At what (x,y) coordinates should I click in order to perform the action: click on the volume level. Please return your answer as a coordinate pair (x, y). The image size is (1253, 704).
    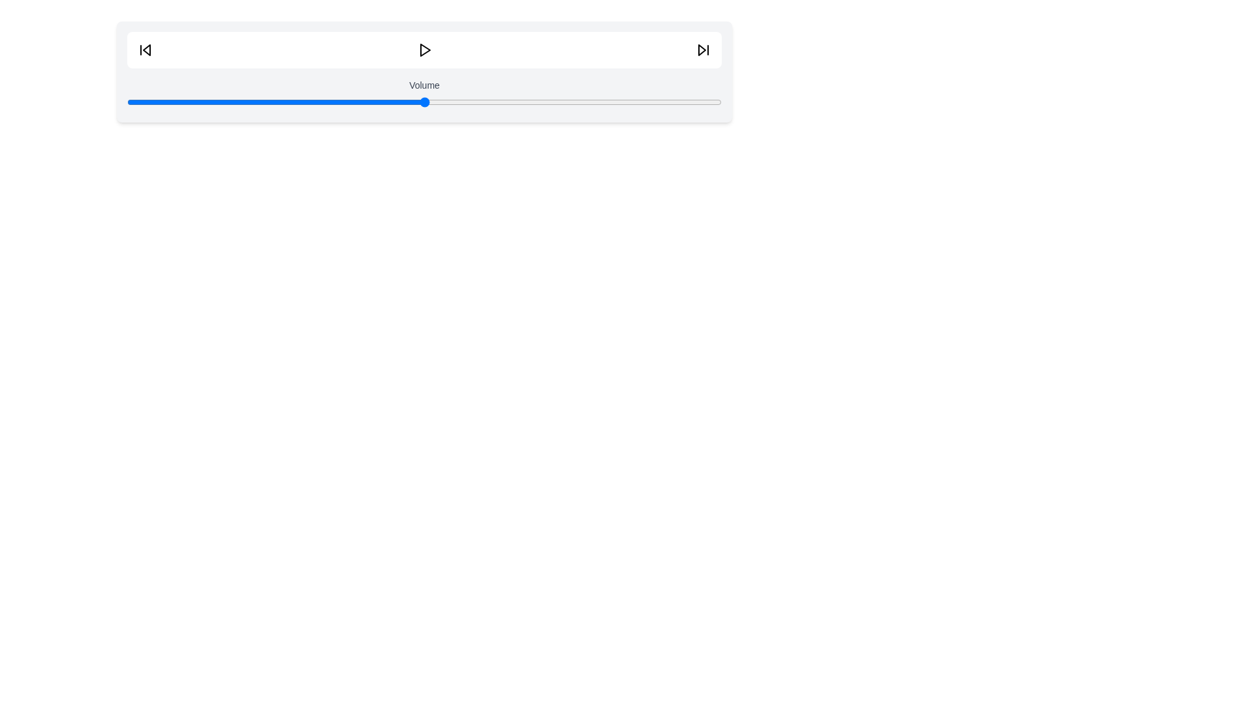
    Looking at the image, I should click on (483, 102).